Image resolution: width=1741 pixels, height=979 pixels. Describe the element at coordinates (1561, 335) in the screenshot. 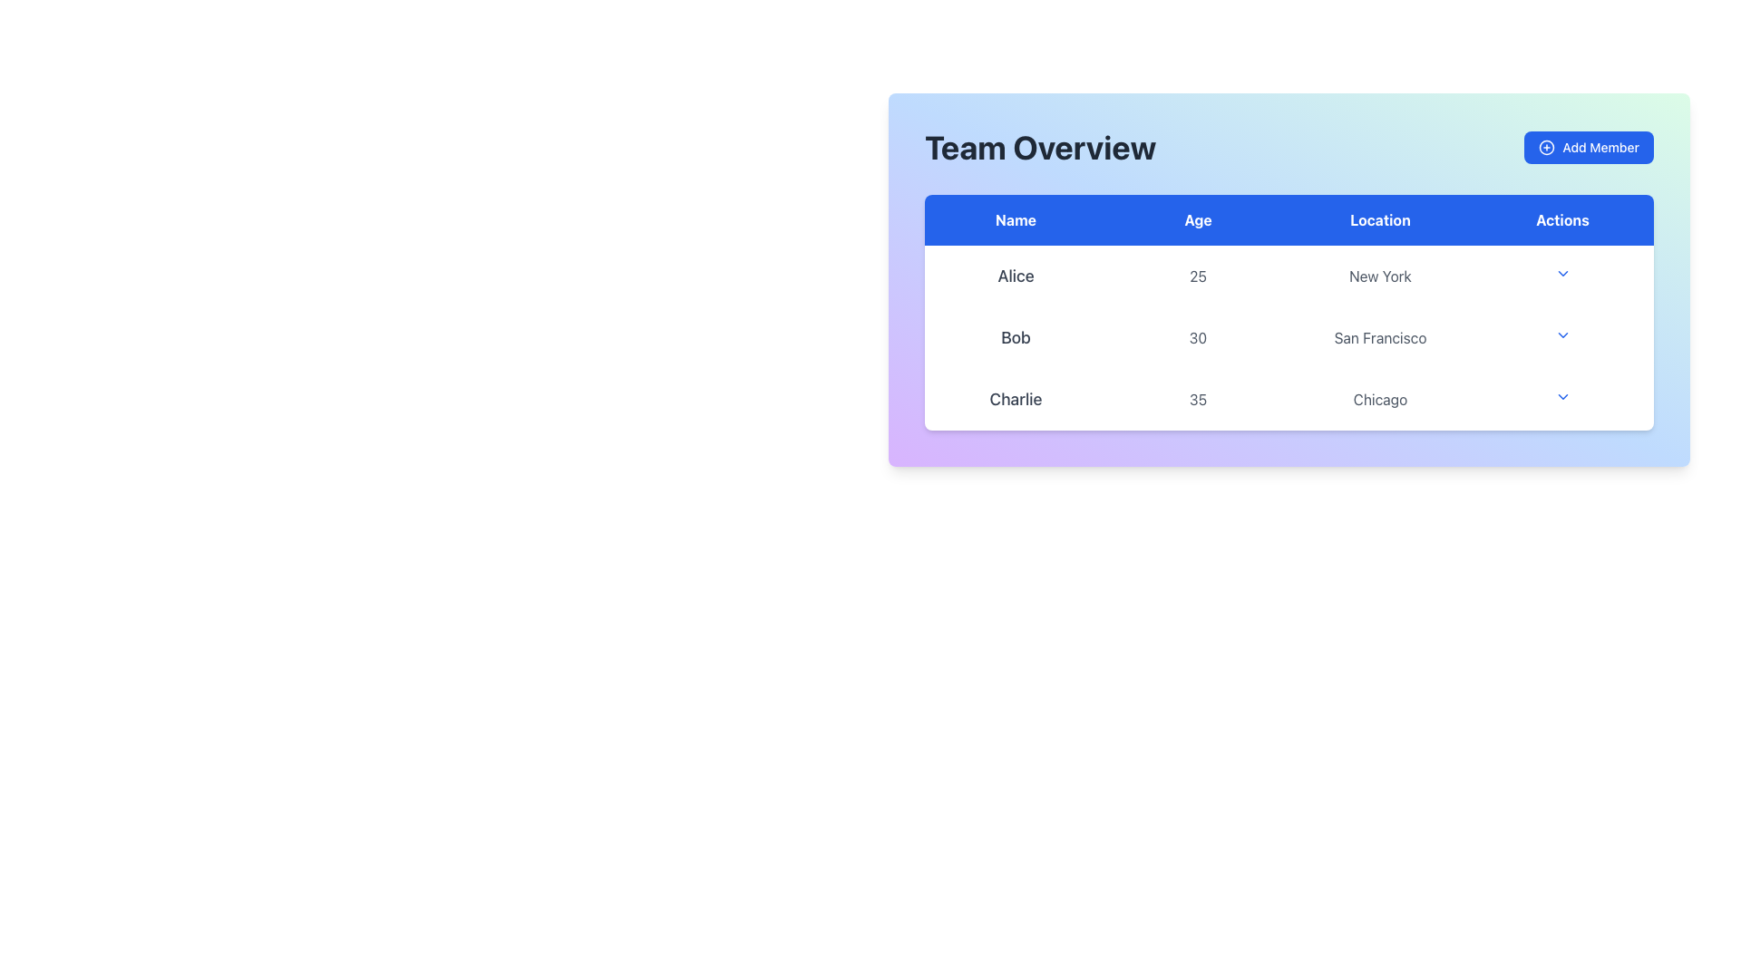

I see `the chevron icon button located in the 'Actions' column of the second row in the table` at that location.